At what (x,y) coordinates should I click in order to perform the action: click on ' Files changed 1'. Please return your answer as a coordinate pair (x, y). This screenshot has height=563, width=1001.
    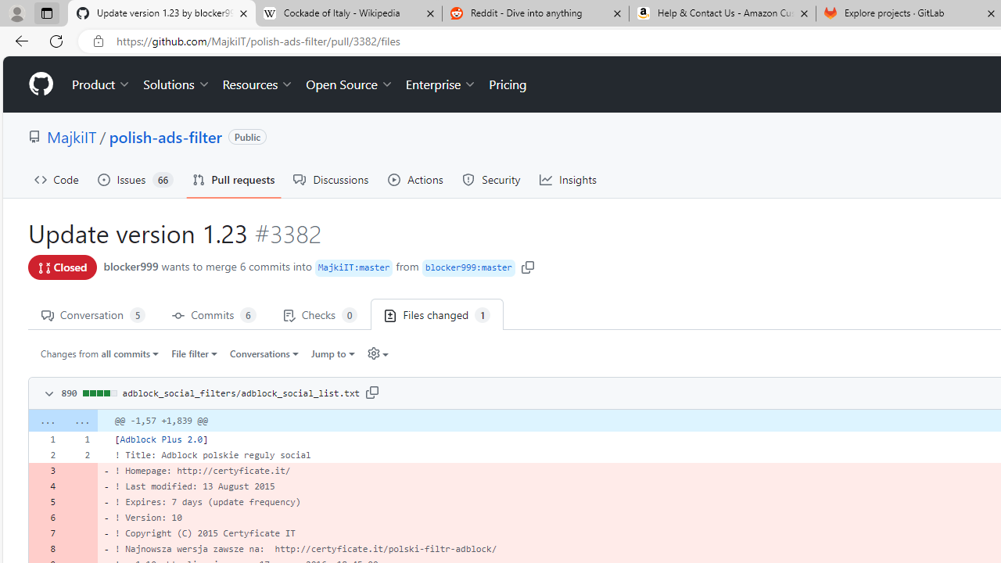
    Looking at the image, I should click on (437, 314).